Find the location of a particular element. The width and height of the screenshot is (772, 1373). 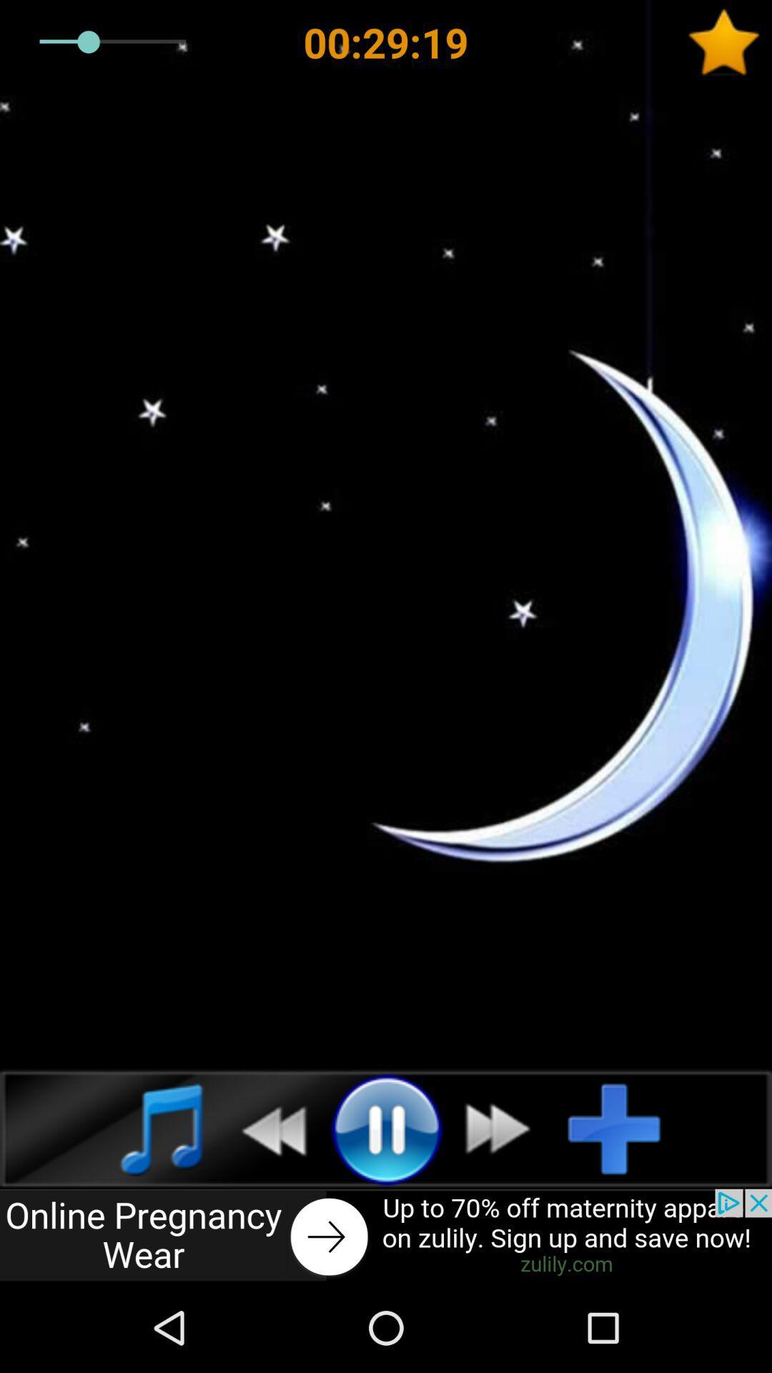

pause is located at coordinates (386, 1128).